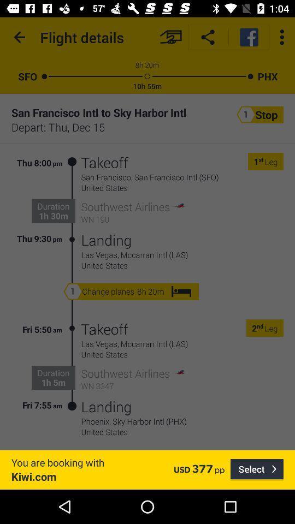 This screenshot has height=524, width=295. I want to click on payment information, so click(170, 37).